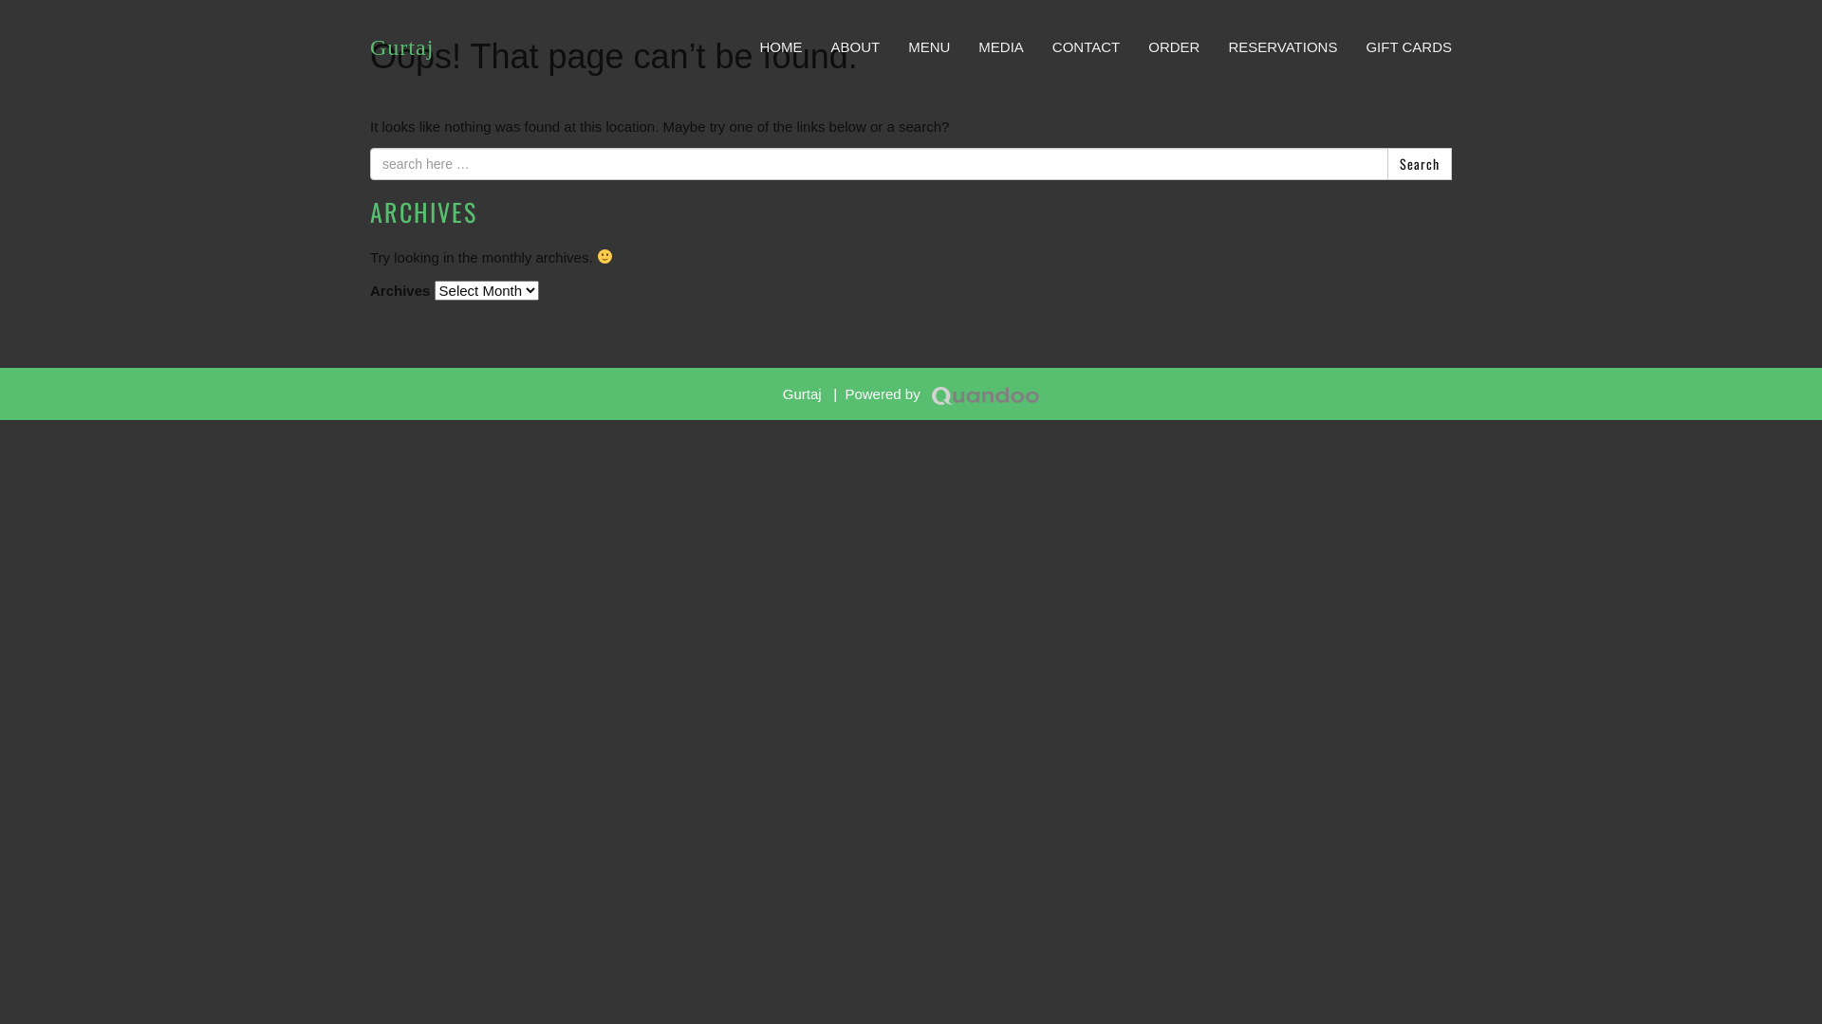  I want to click on 'Search', so click(1387, 163).